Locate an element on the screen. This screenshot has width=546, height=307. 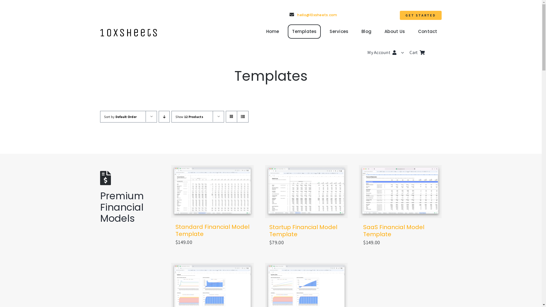
'About Us' is located at coordinates (394, 32).